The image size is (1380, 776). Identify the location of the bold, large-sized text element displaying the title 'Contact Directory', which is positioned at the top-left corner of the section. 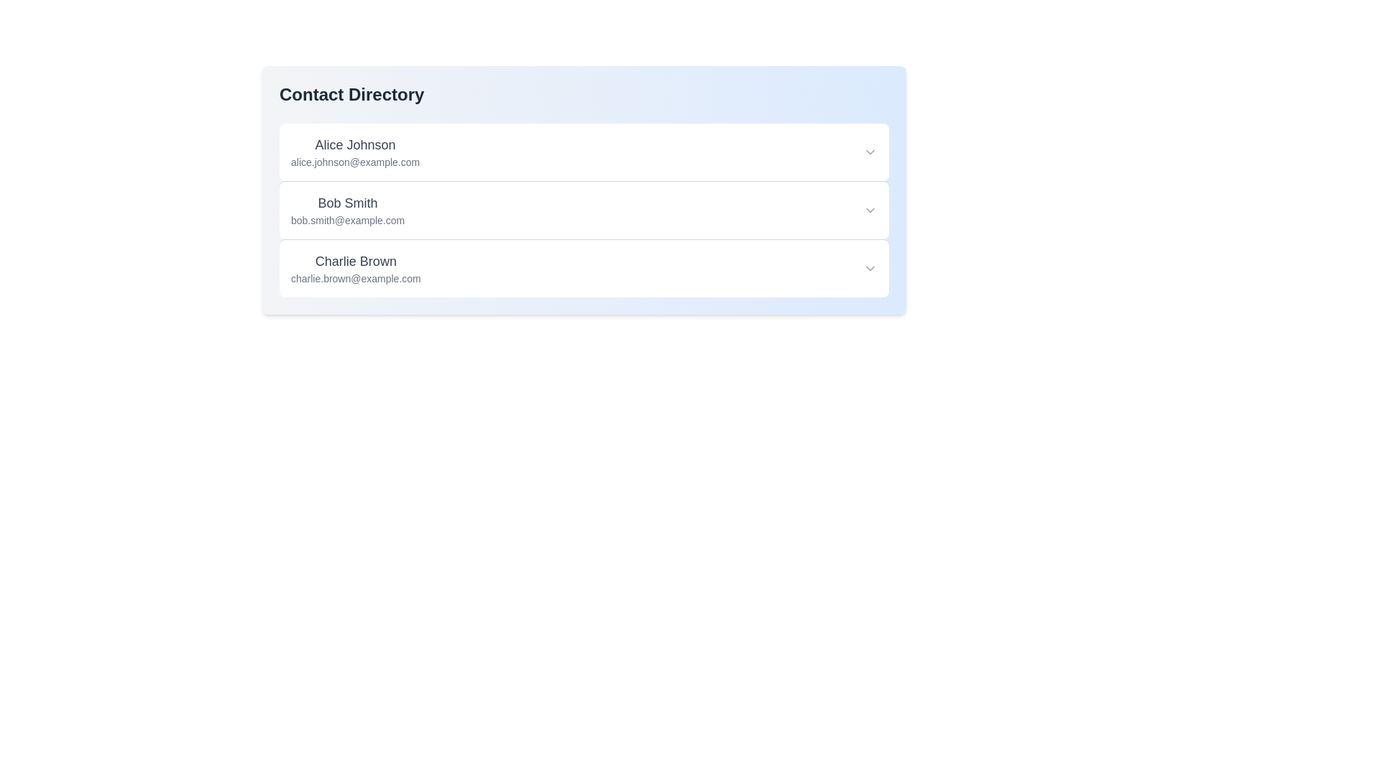
(351, 94).